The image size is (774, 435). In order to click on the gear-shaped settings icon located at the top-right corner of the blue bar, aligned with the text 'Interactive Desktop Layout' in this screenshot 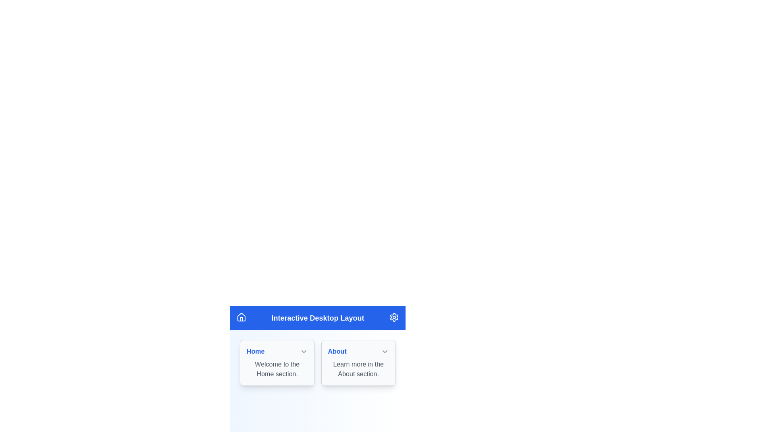, I will do `click(394, 317)`.